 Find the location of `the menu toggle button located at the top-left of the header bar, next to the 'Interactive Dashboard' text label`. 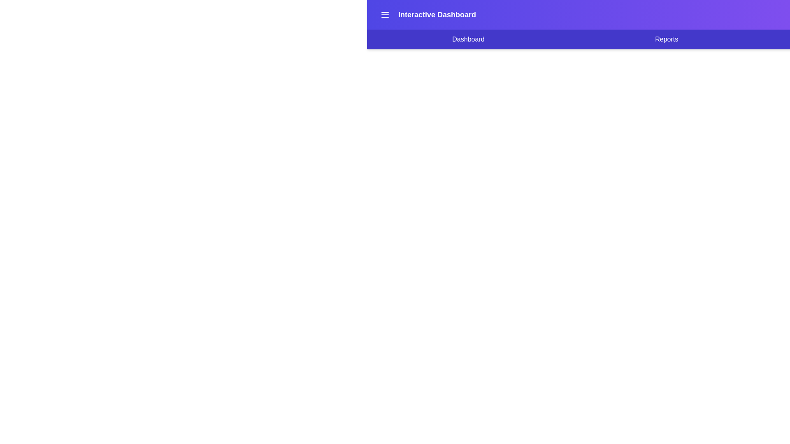

the menu toggle button located at the top-left of the header bar, next to the 'Interactive Dashboard' text label is located at coordinates (385, 14).